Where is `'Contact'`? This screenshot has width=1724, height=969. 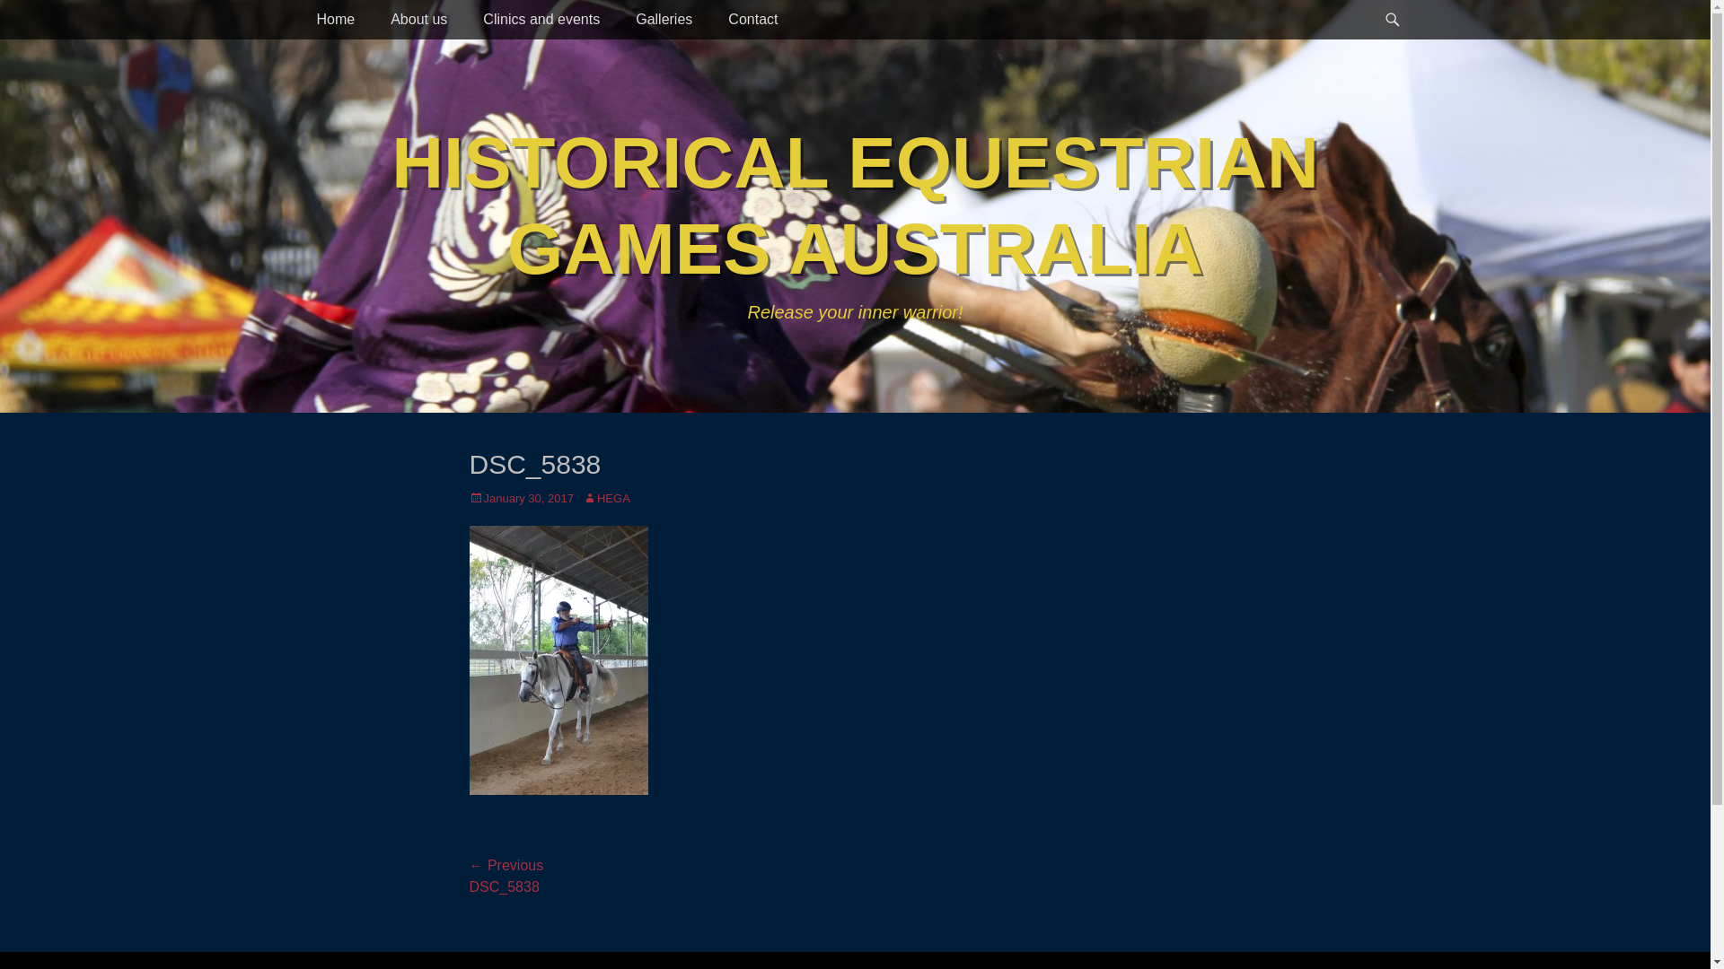 'Contact' is located at coordinates (752, 20).